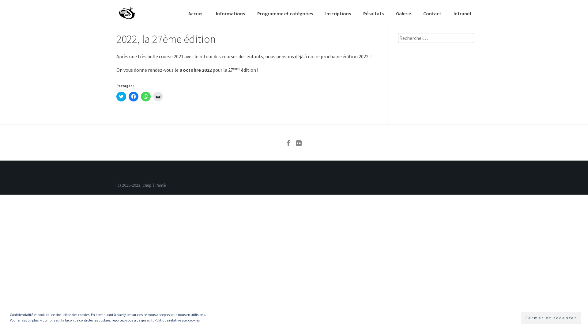 The height and width of the screenshot is (331, 588). I want to click on 'Galerie', so click(389, 13).